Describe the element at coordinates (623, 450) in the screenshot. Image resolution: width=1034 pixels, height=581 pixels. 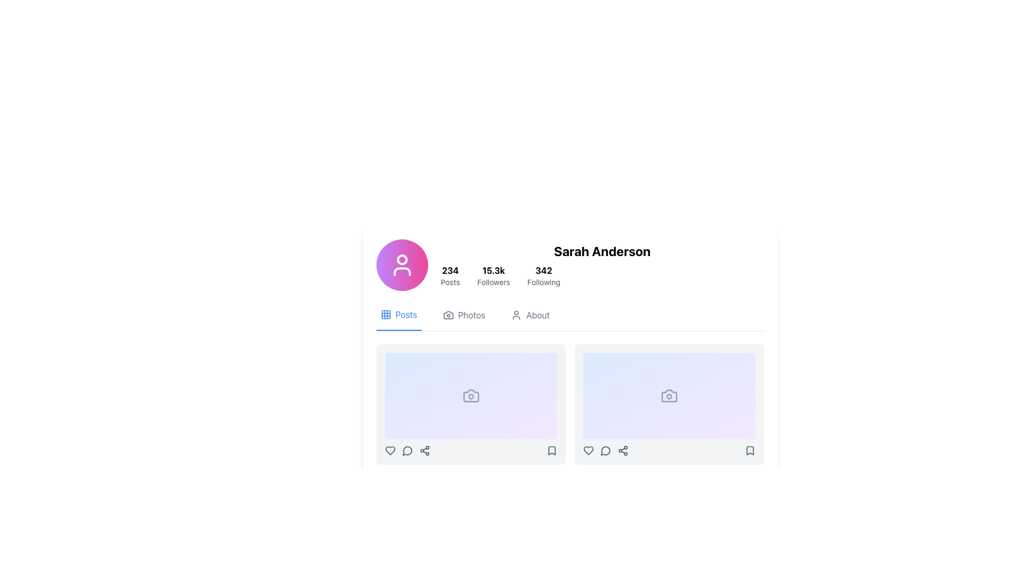
I see `the share button icon located` at that location.